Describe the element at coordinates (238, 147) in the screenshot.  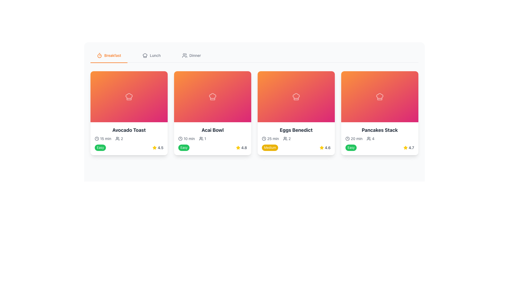
I see `the star-shaped icon that represents the rating for 'Eggs Benedict', located in the bottom-right region of the third card, below the rating text '4.6'` at that location.